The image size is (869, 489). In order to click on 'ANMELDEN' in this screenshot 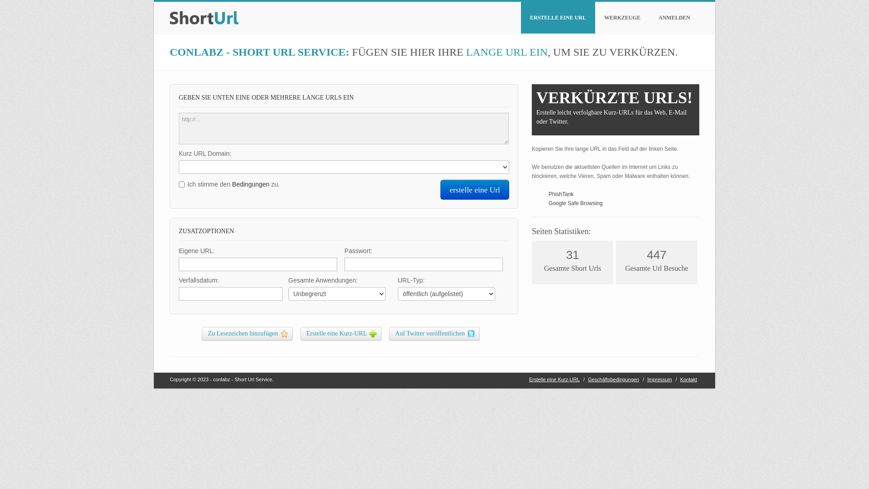, I will do `click(674, 17)`.